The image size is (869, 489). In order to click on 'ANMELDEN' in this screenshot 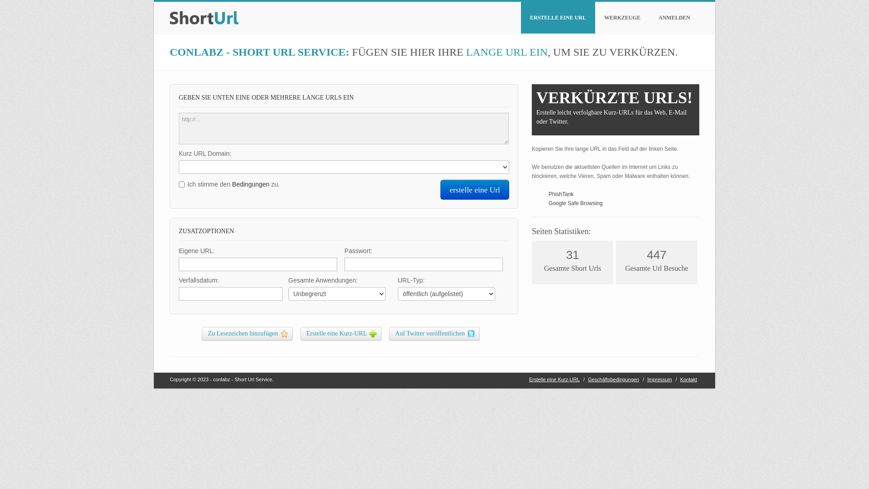, I will do `click(674, 17)`.